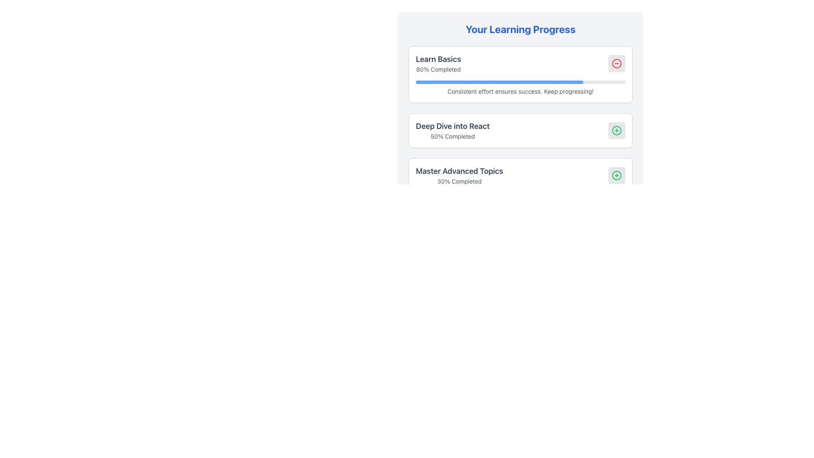 This screenshot has width=814, height=458. Describe the element at coordinates (438, 69) in the screenshot. I see `displayed progress percentage text located directly below the 'Learn Basics' heading in the first module card of the interface` at that location.